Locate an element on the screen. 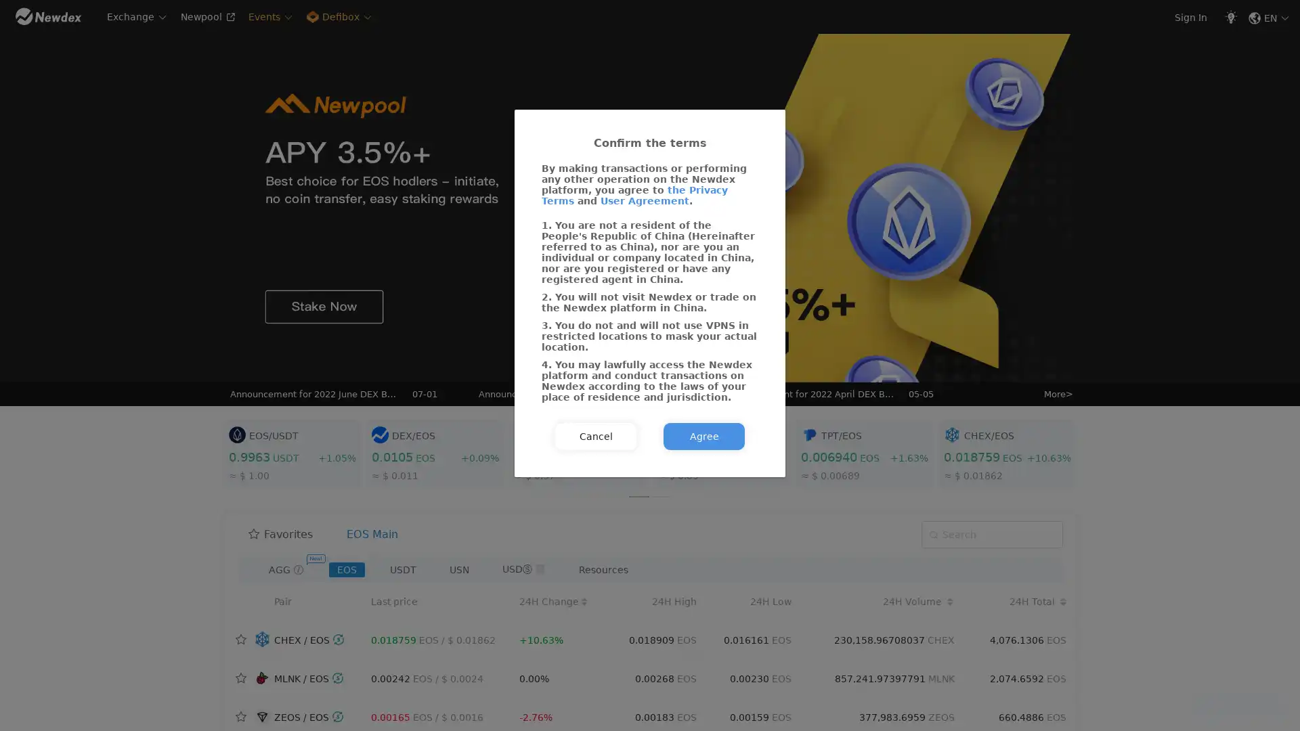  Events is located at coordinates (270, 16).